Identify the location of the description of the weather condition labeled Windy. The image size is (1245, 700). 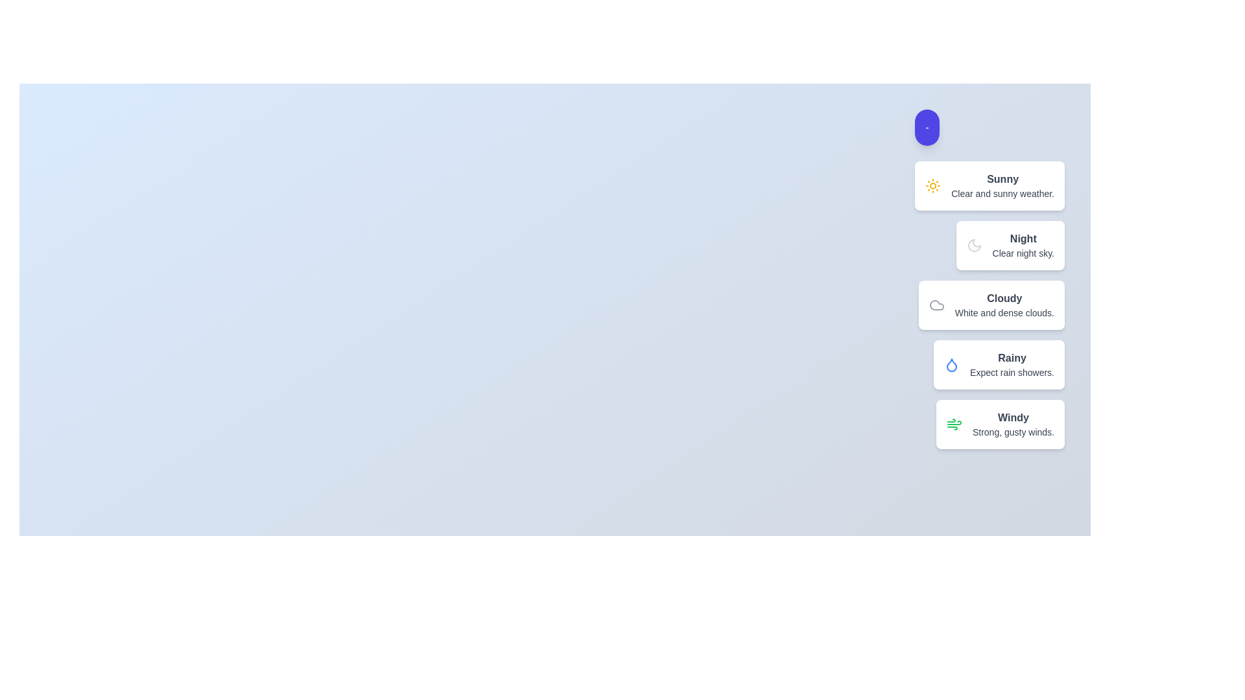
(1012, 417).